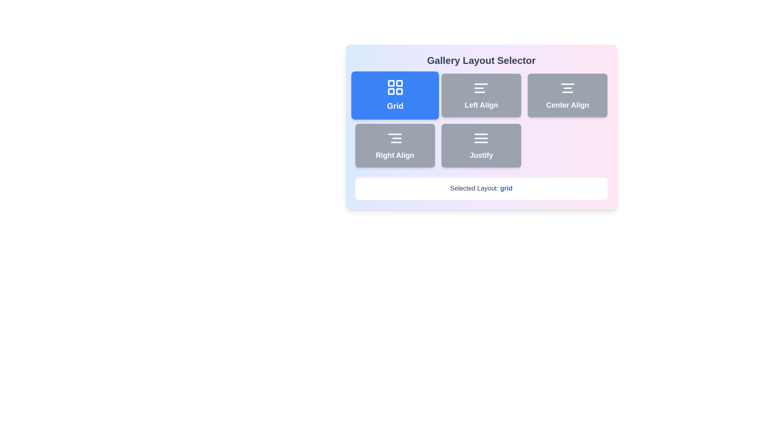 The height and width of the screenshot is (437, 777). Describe the element at coordinates (481, 95) in the screenshot. I see `the 'Left Align' button, which is a rectangular button with rounded corners, gray background, and a white bold label reading 'Left Align'` at that location.